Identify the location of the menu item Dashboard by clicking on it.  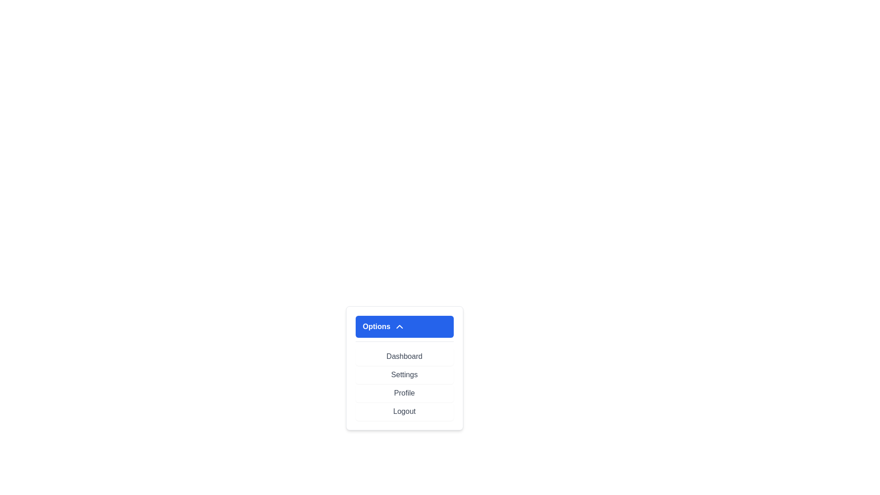
(404, 356).